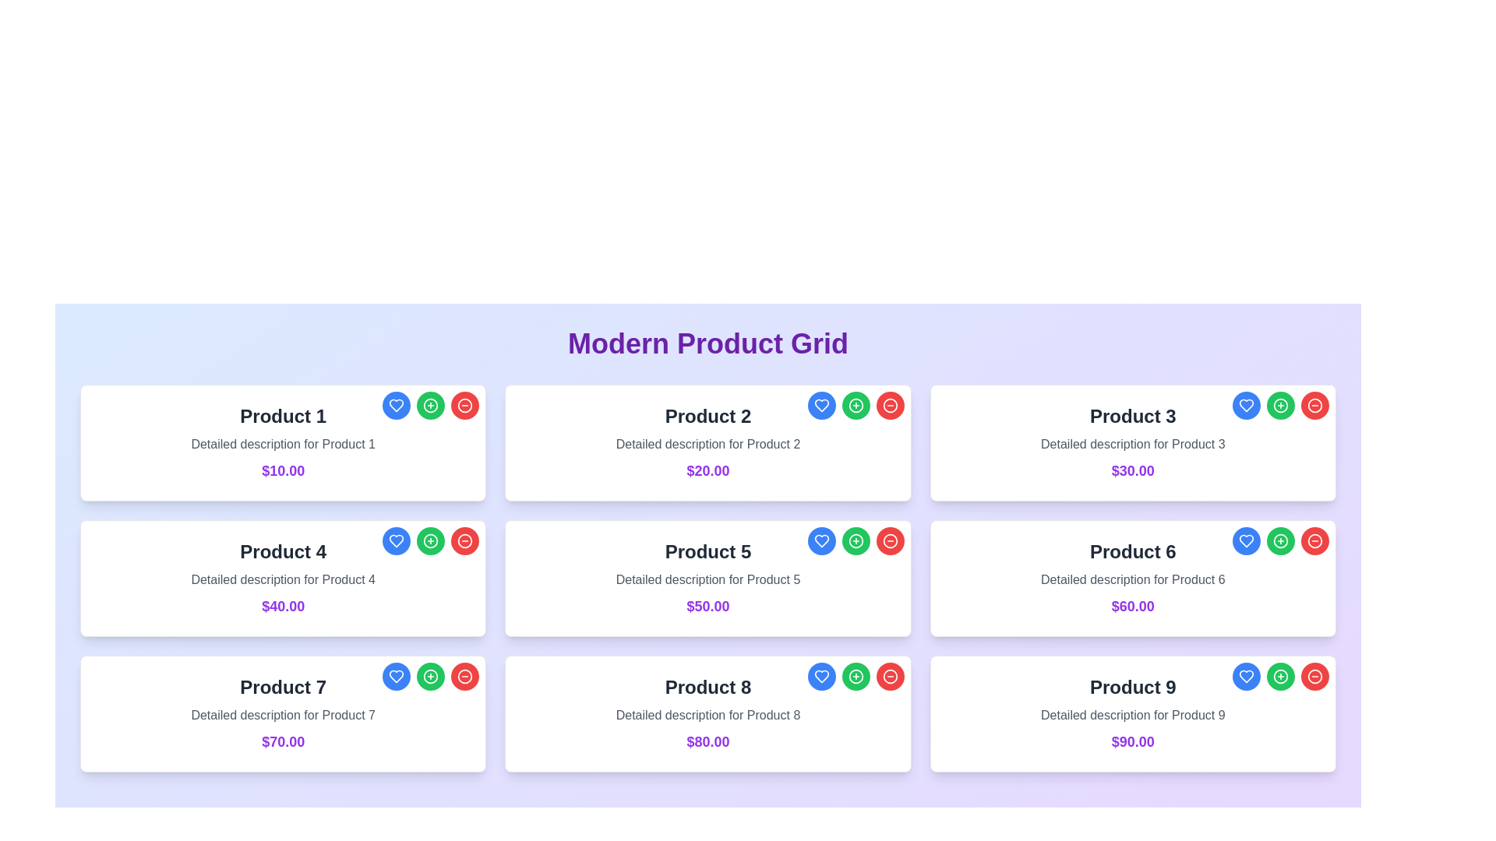 This screenshot has width=1496, height=841. What do you see at coordinates (464, 540) in the screenshot?
I see `the circular red icon with a horizontal white line, resembling a 'minus' symbol, which is the third icon from the left in its group on the right side of the product card` at bounding box center [464, 540].